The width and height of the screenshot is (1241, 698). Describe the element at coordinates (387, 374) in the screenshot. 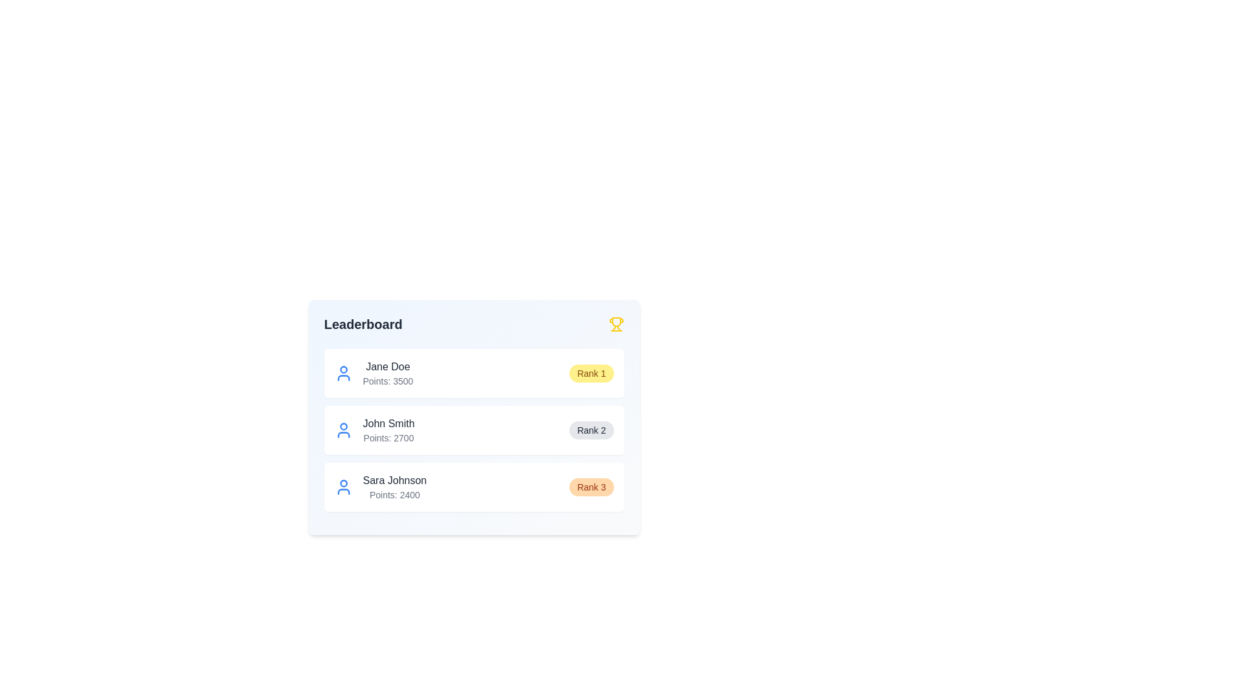

I see `text content displayed in the text block for the top-ranked user, positioned above the 'Rank 1' badge in the leaderboard interface` at that location.